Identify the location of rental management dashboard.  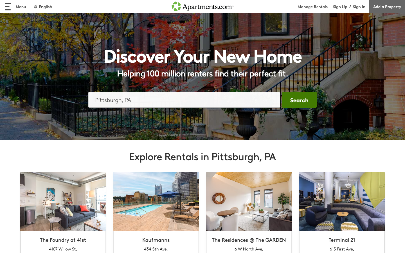
(315, 6).